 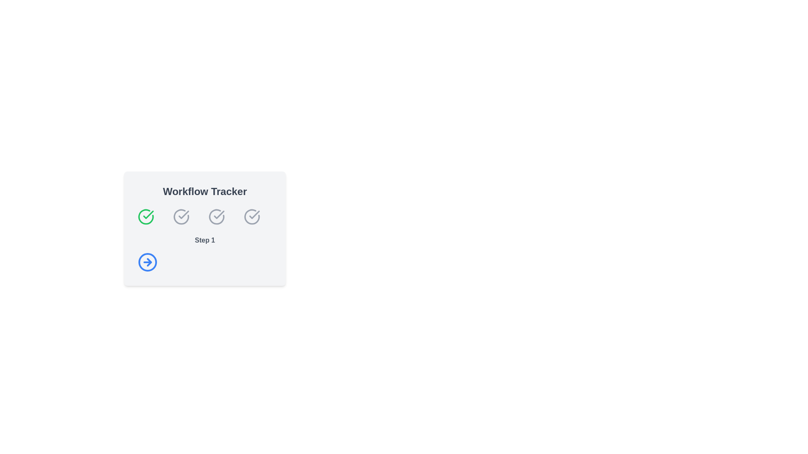 What do you see at coordinates (149, 262) in the screenshot?
I see `arrow icon element, which is a blue circular icon with a right-pointing arrow, located at the bottom-left corner of the workflow tracker section, below the text 'Step 1'` at bounding box center [149, 262].